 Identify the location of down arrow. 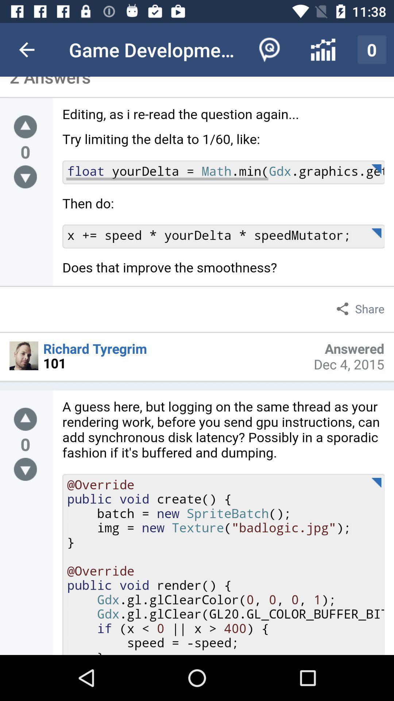
(25, 177).